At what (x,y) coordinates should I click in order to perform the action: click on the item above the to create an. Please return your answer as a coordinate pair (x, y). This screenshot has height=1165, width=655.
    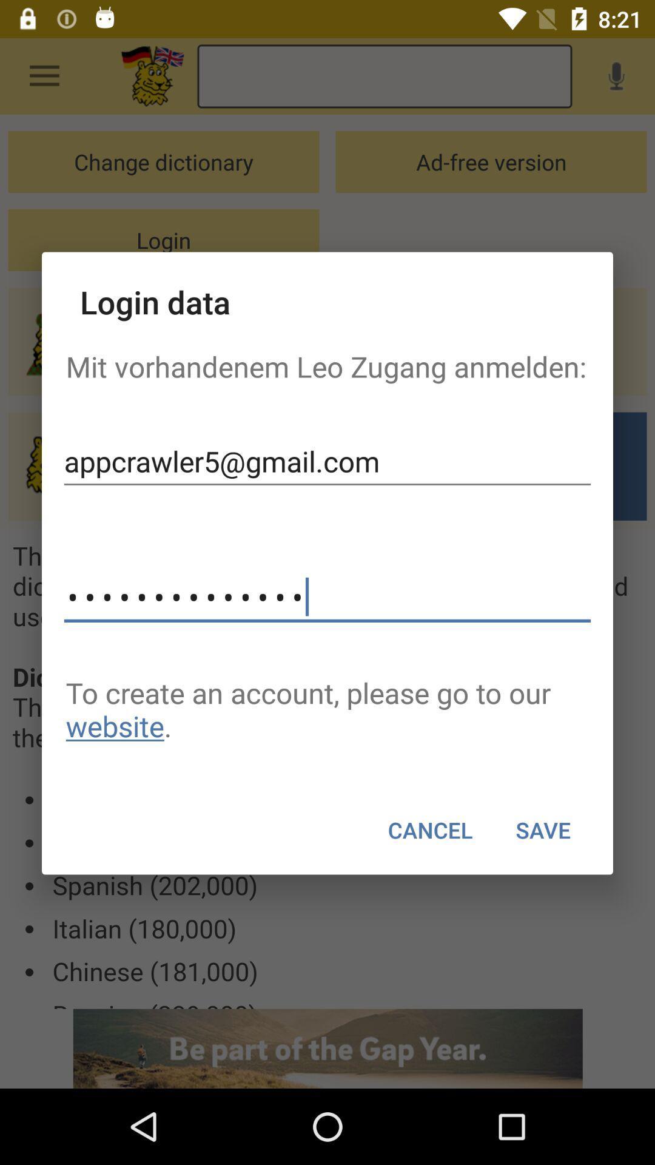
    Looking at the image, I should click on (327, 597).